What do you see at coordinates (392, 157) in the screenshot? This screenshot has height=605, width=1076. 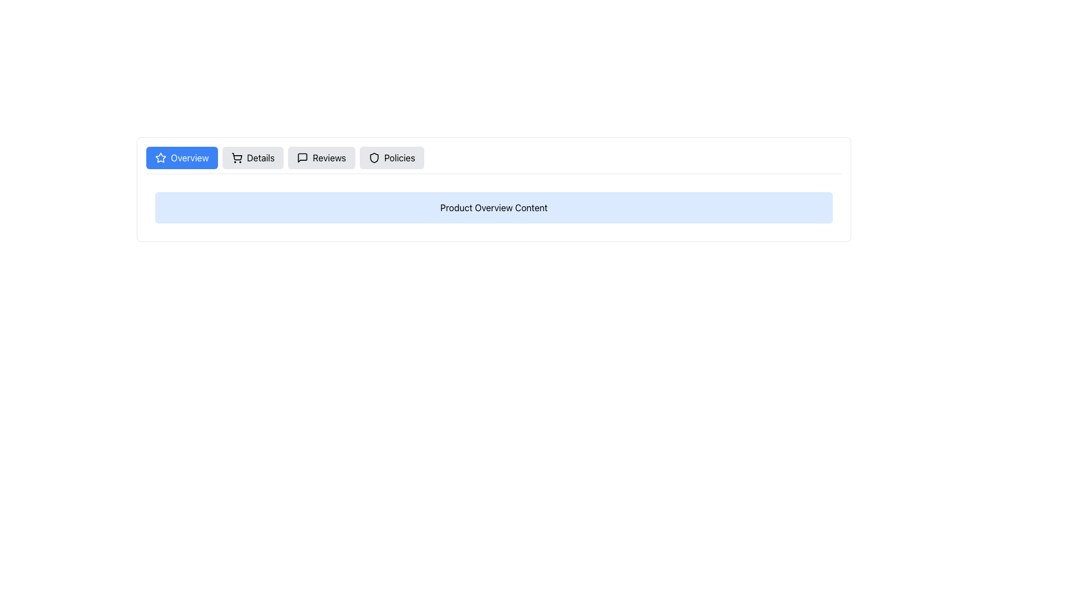 I see `the fourth tab in the navigation bar` at bounding box center [392, 157].